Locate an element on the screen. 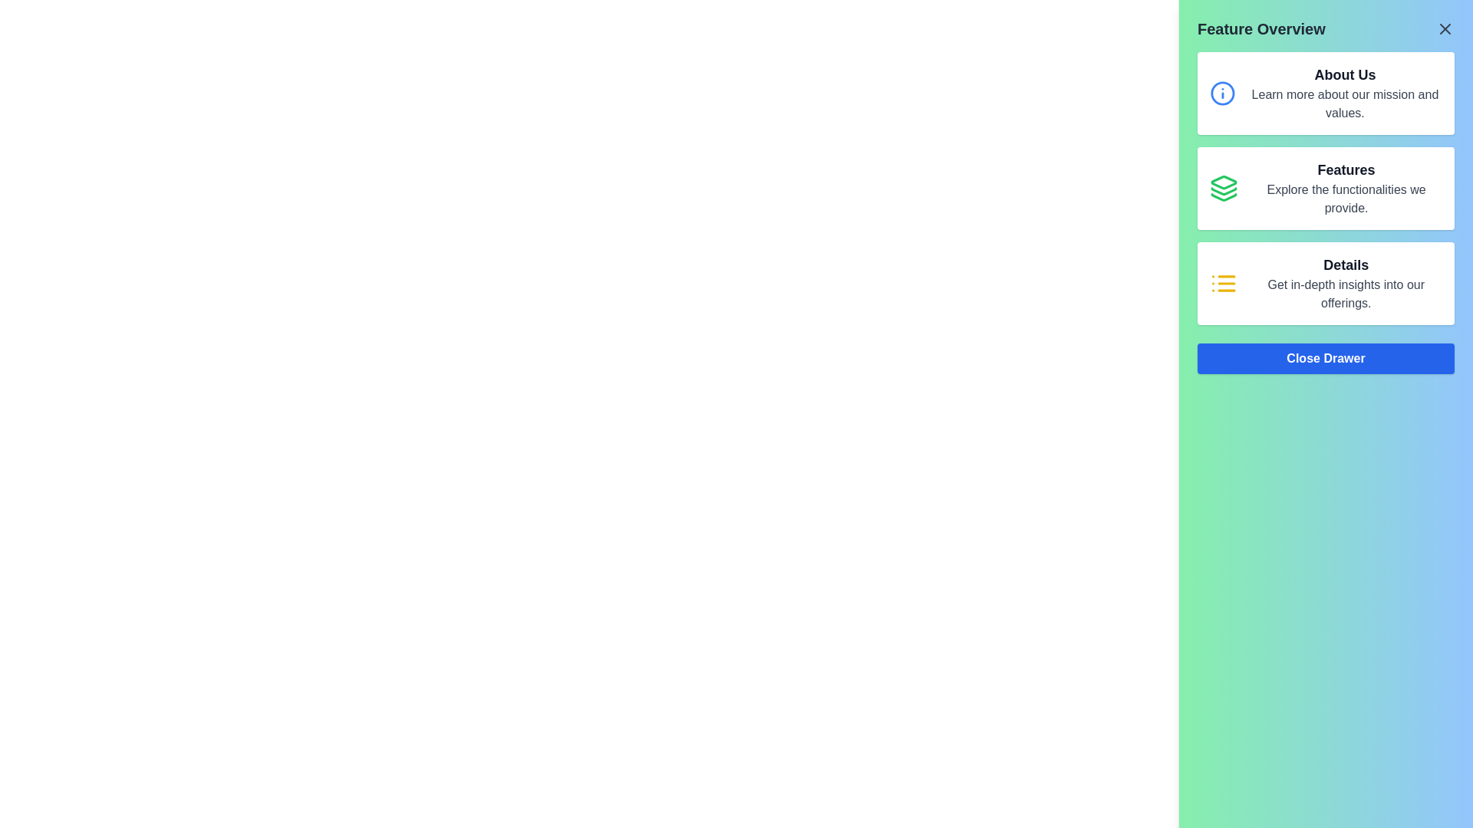 This screenshot has height=828, width=1473. the middle layer of the three-layer icon structure located in the right section of the interface under the 'Features' heading is located at coordinates (1223, 190).